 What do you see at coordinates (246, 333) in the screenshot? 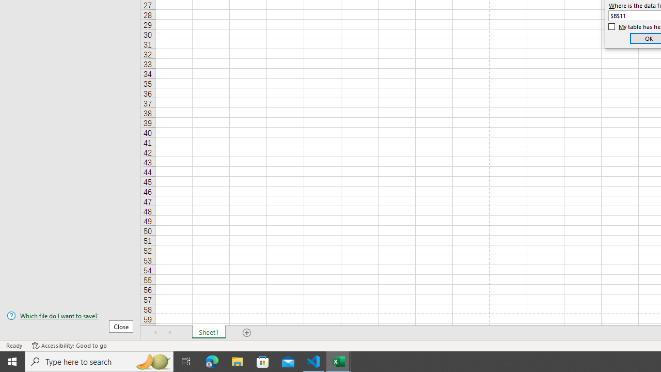
I see `'Add Sheet'` at bounding box center [246, 333].